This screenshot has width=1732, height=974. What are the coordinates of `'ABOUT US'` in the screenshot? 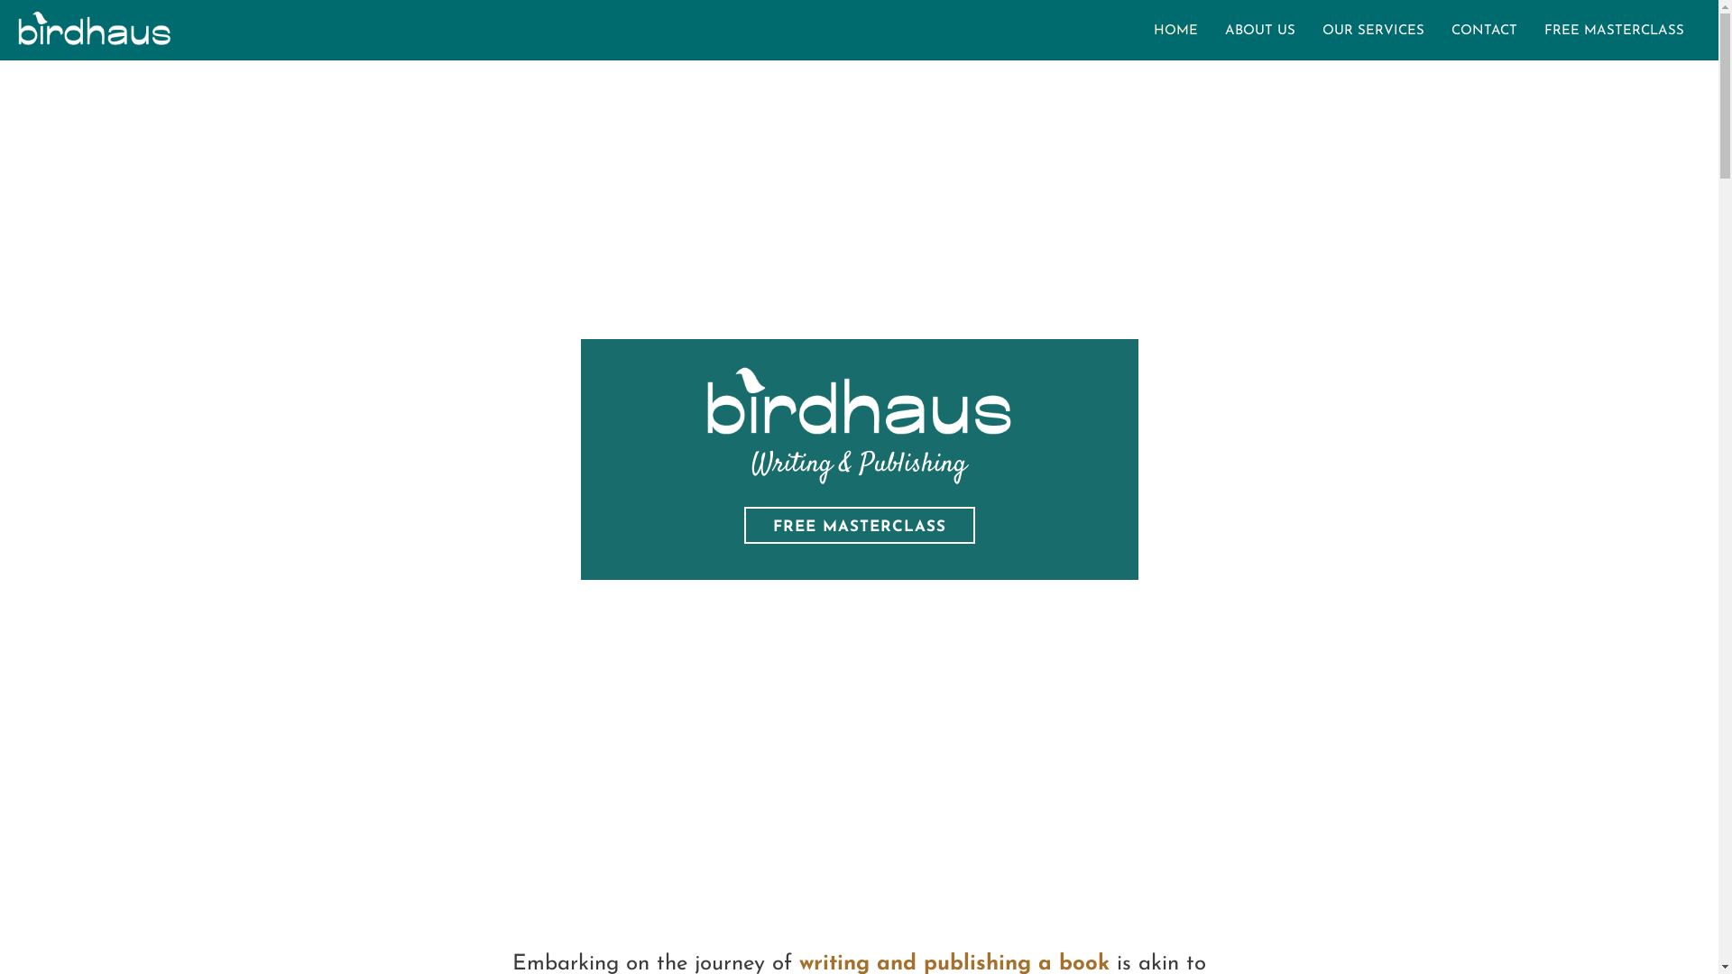 It's located at (1258, 31).